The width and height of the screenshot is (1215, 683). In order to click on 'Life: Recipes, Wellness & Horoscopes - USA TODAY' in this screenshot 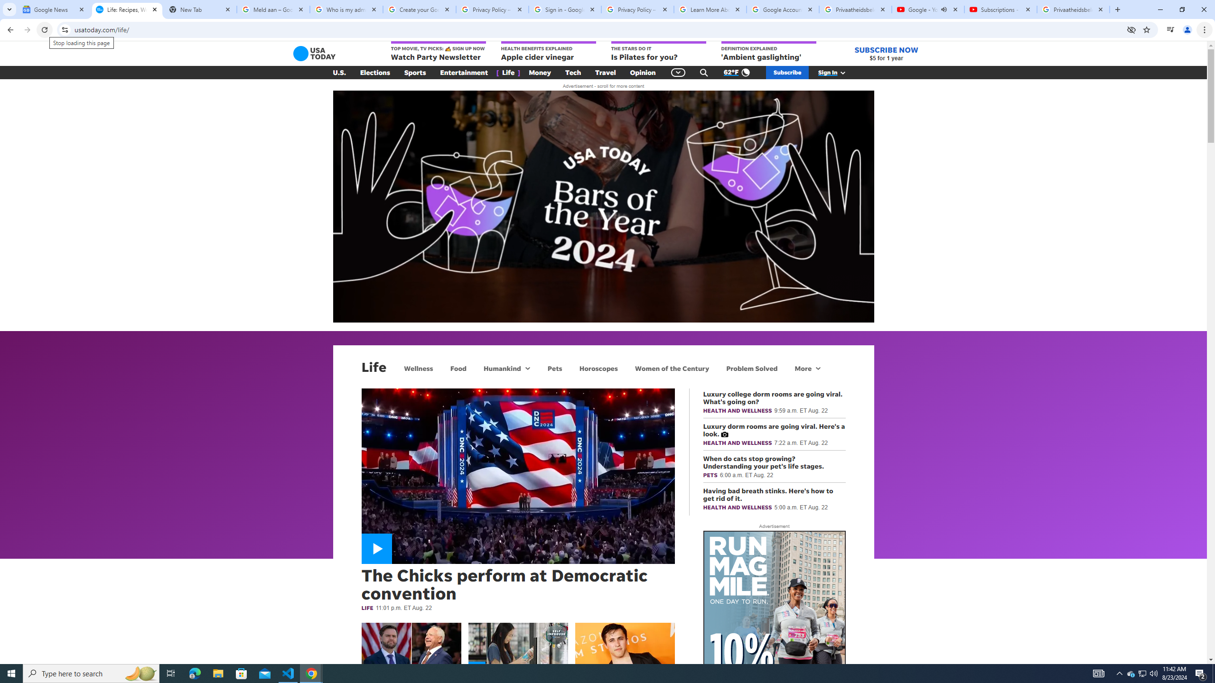, I will do `click(126, 9)`.